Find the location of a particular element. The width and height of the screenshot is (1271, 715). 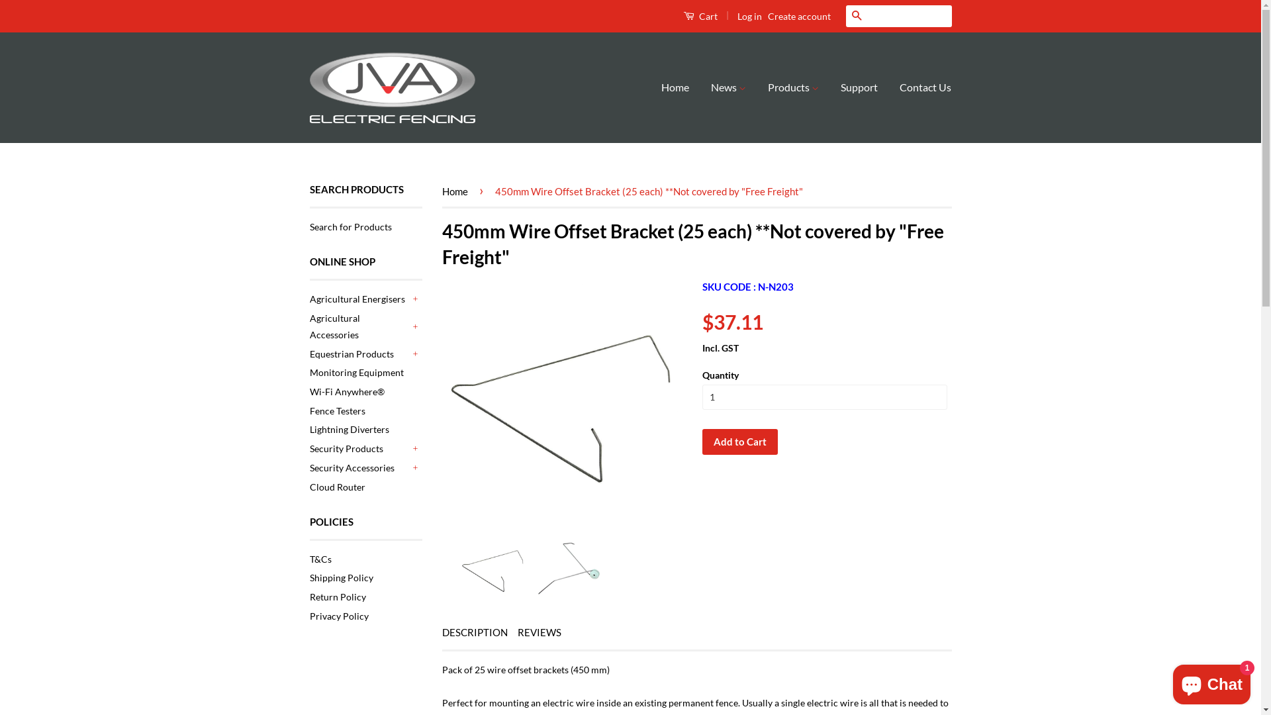

'Equestrian Products' is located at coordinates (359, 353).